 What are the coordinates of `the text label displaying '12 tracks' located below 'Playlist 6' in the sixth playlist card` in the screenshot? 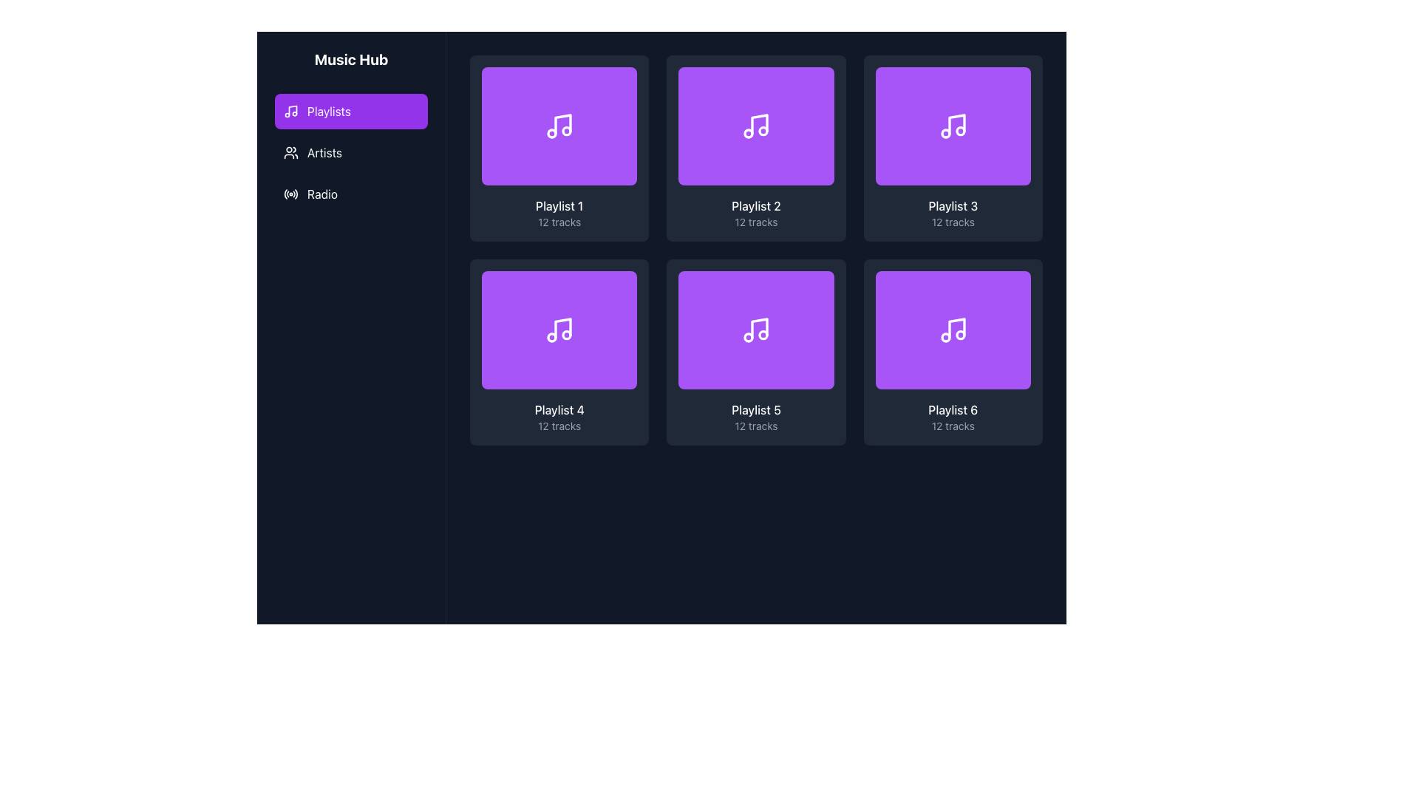 It's located at (953, 426).